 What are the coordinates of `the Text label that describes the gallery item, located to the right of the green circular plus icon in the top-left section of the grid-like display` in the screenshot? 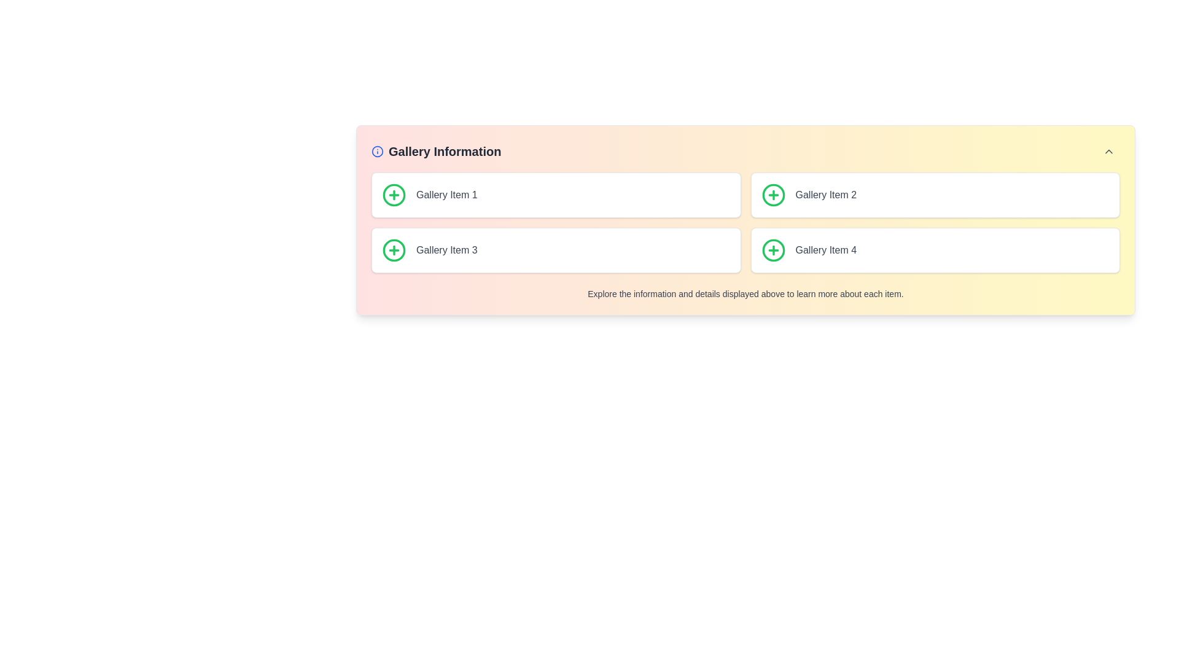 It's located at (446, 194).